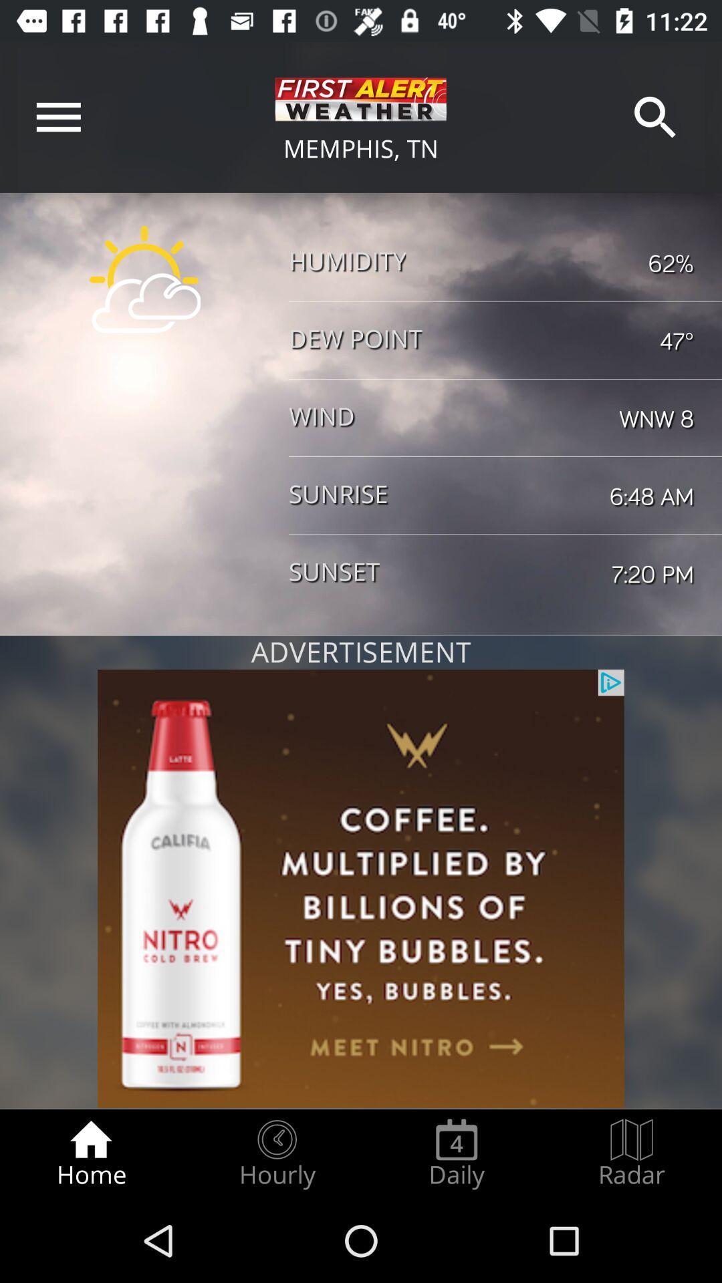  What do you see at coordinates (456, 1153) in the screenshot?
I see `the item next to hourly item` at bounding box center [456, 1153].